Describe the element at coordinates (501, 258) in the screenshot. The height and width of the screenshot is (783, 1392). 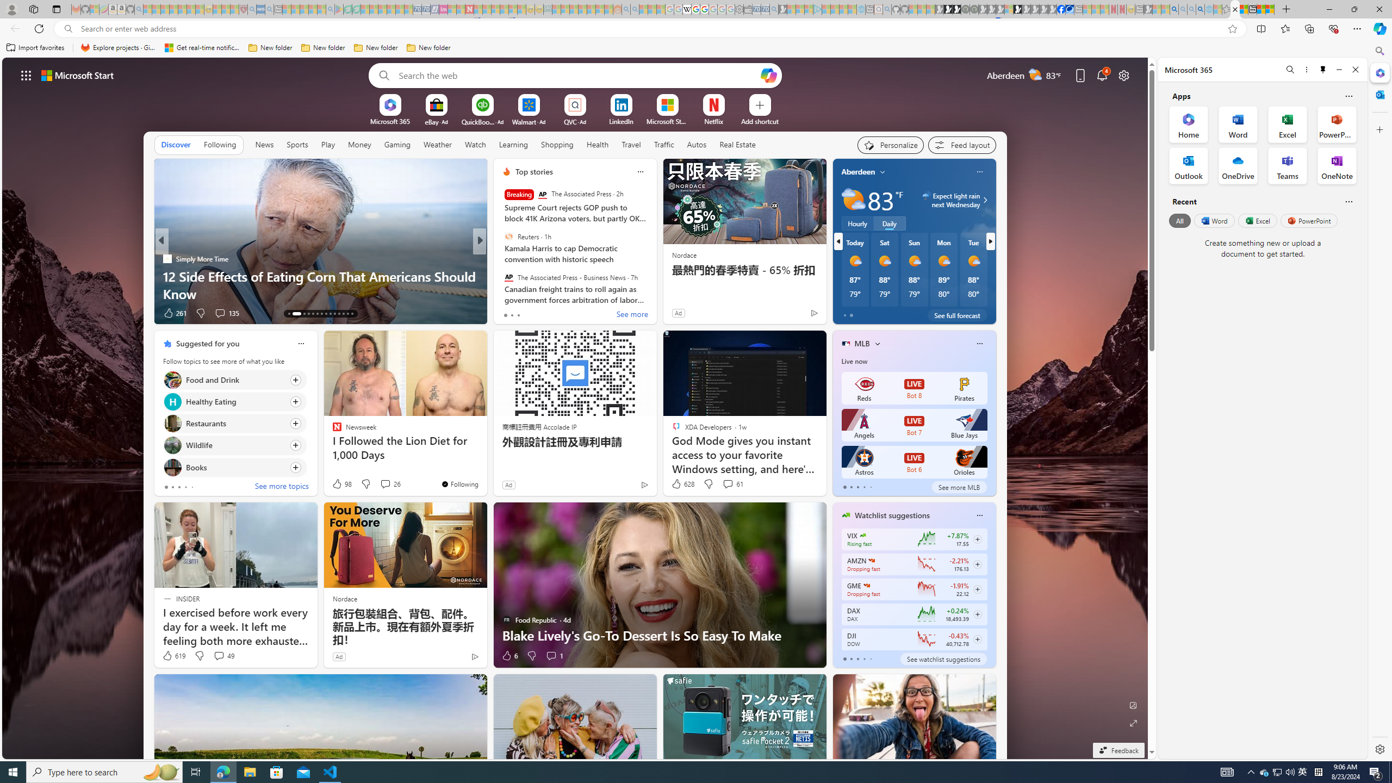
I see `'ZDNet'` at that location.